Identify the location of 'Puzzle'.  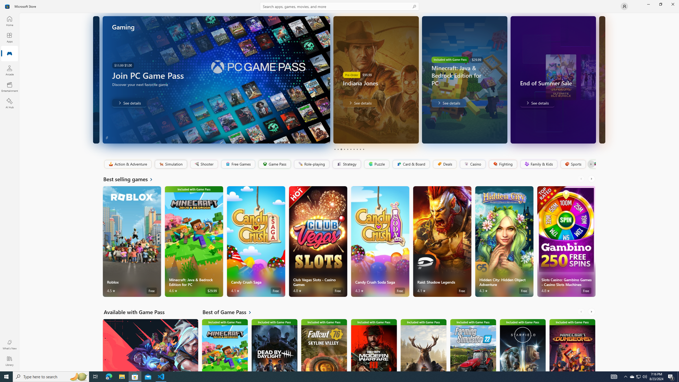
(376, 164).